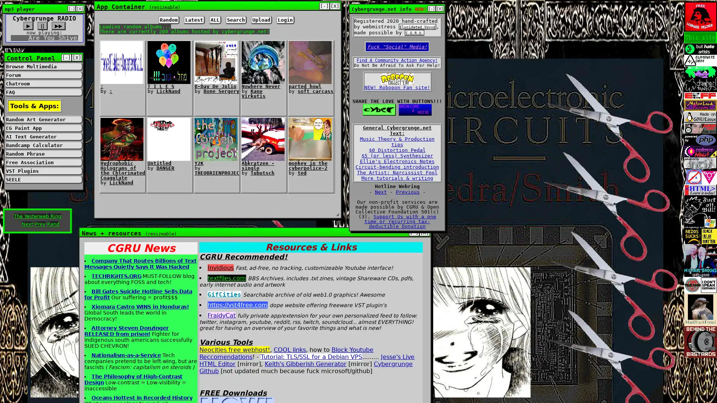  I want to click on Forum, so click(43, 75).